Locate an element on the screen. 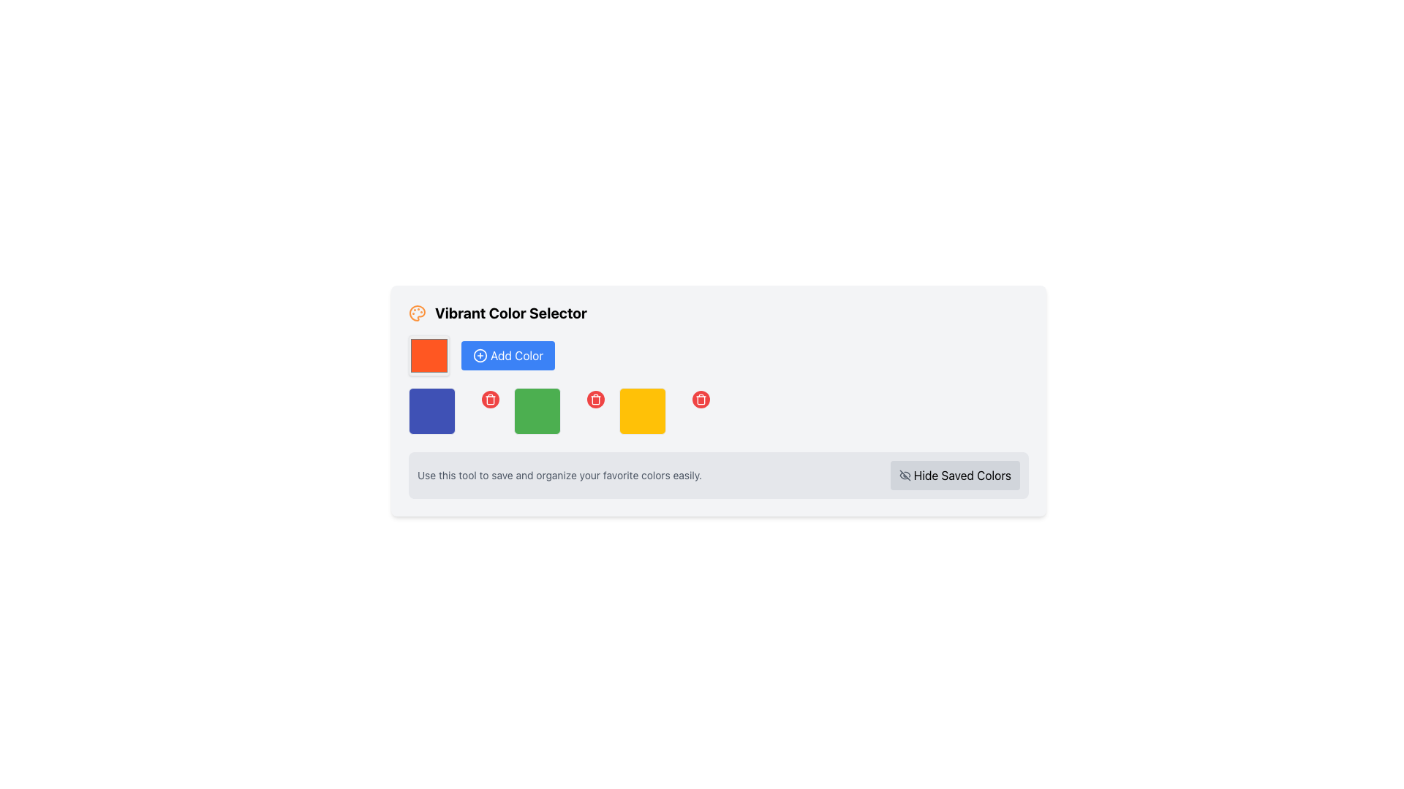 The image size is (1404, 789). the third color box in the color selection tool is located at coordinates (560, 411).